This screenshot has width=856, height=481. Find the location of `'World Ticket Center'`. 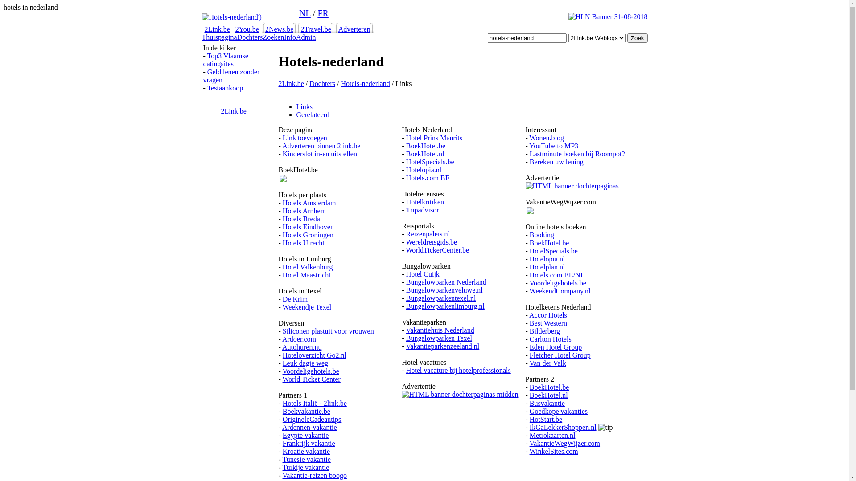

'World Ticket Center' is located at coordinates (312, 379).